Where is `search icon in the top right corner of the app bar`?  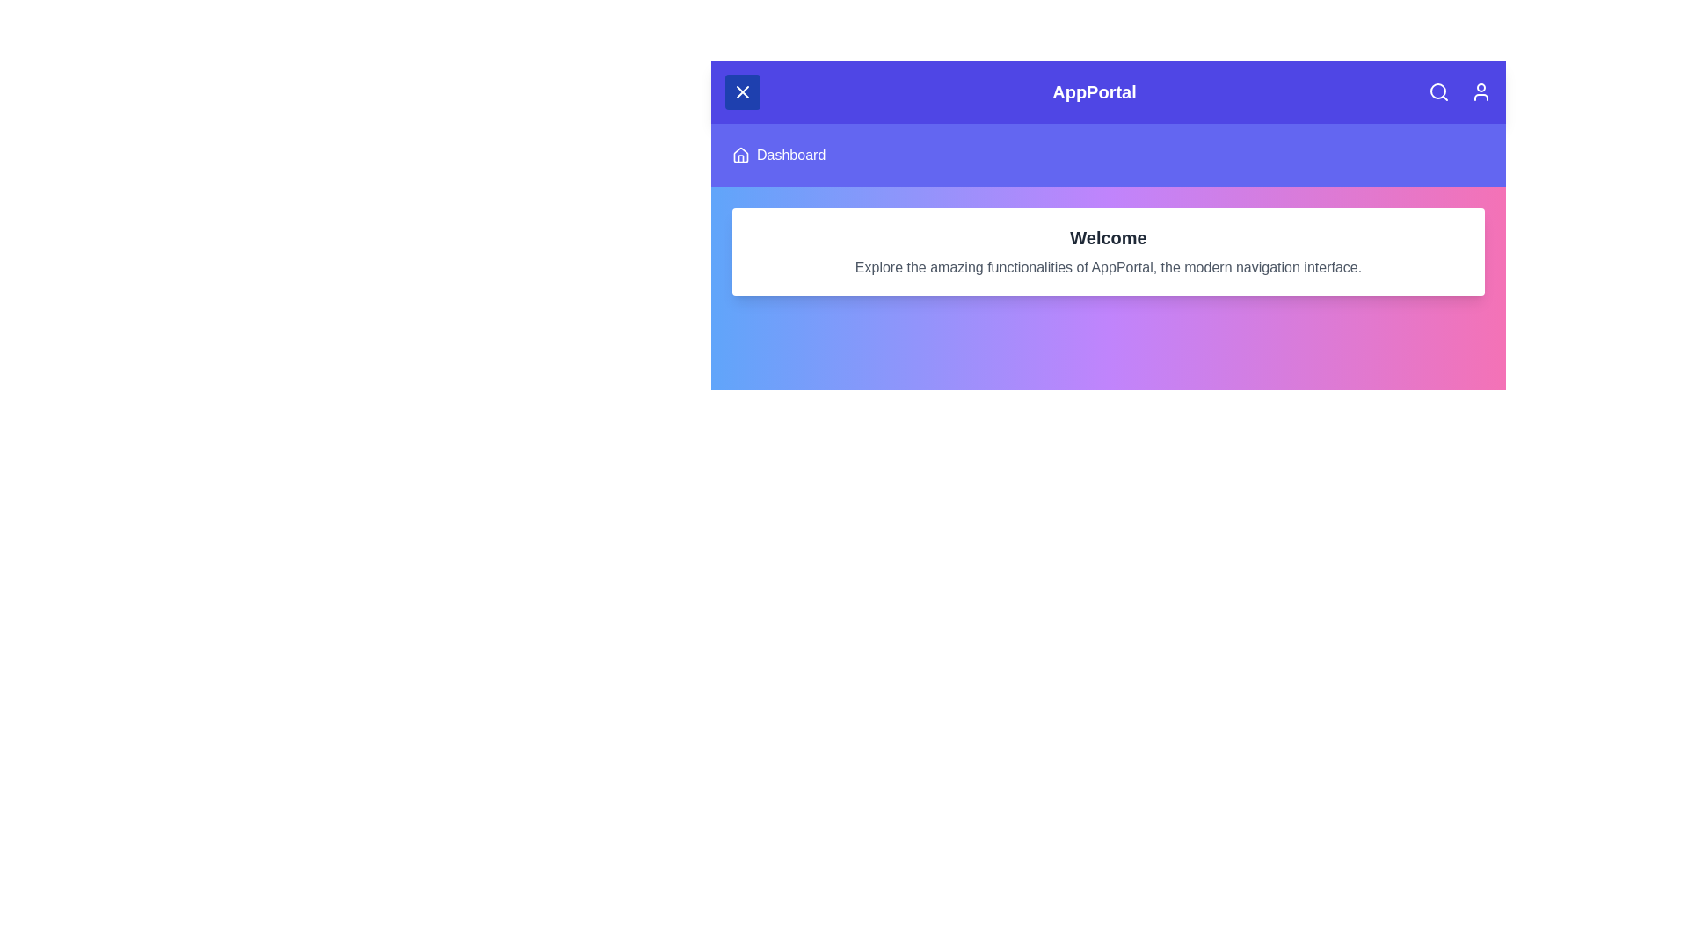
search icon in the top right corner of the app bar is located at coordinates (1438, 91).